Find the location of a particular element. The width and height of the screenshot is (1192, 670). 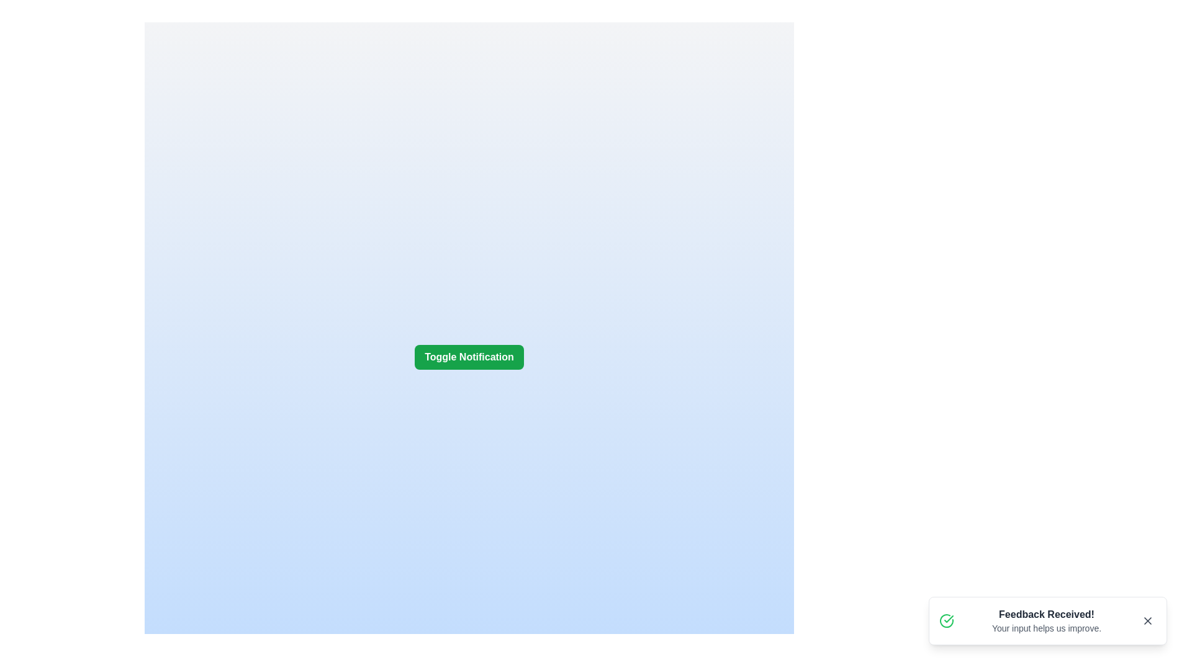

the 'Toggle Notification' button to toggle the visibility of the notification is located at coordinates (468, 357).